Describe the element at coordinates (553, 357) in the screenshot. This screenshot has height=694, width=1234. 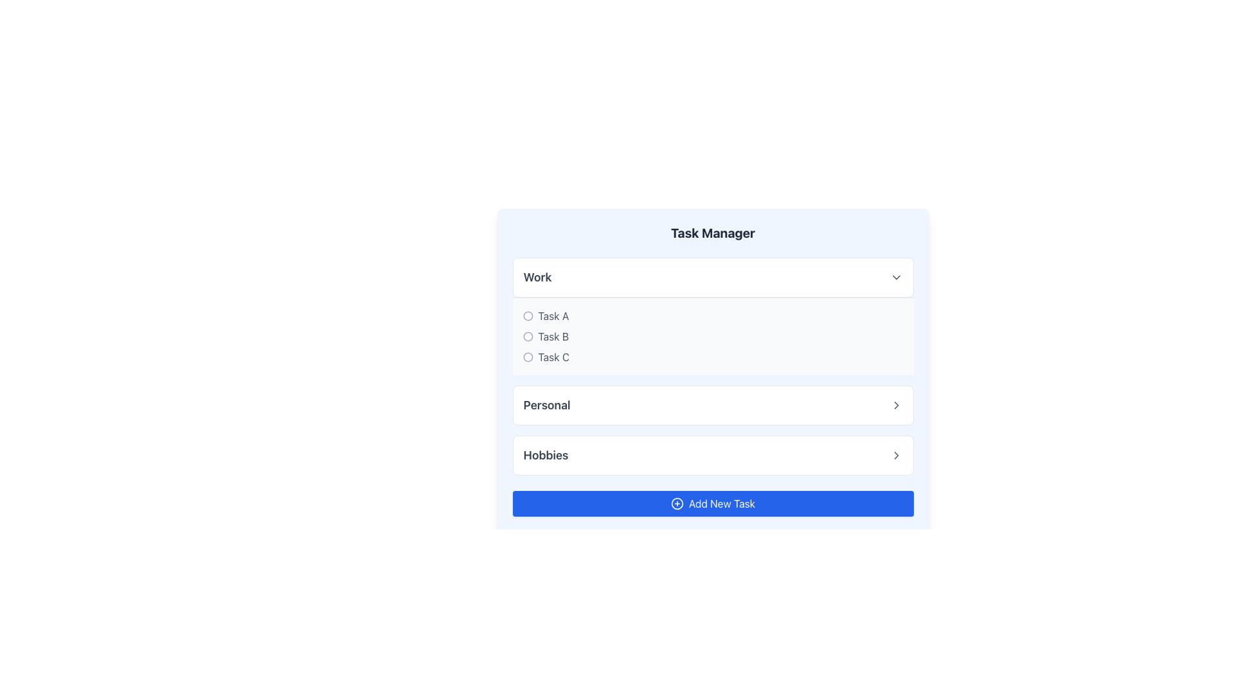
I see `the text label 'Task C' in the Work section of the task manager, which is the third item in a vertical list of tasks` at that location.